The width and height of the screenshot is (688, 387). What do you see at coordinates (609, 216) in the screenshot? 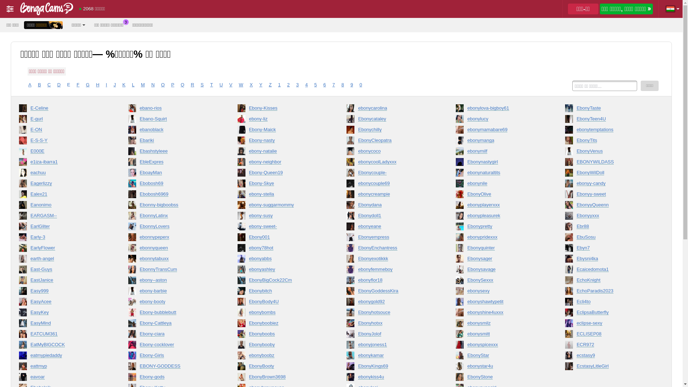
I see `'Ebonyyxxx'` at bounding box center [609, 216].